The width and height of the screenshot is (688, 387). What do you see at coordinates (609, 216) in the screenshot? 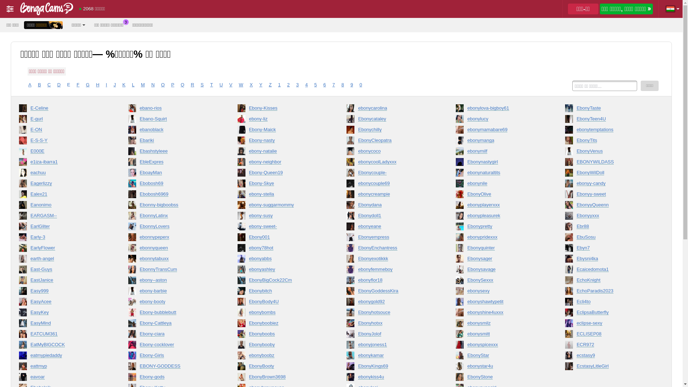
I see `'Ebonyyxxx'` at bounding box center [609, 216].